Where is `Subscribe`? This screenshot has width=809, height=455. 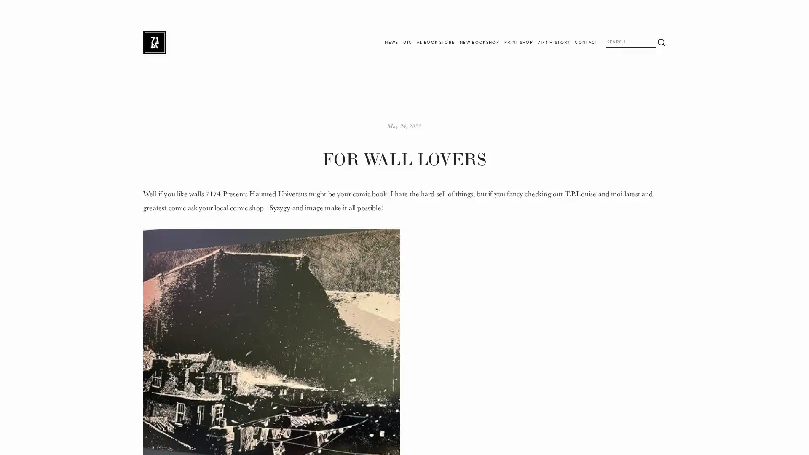
Subscribe is located at coordinates (476, 247).